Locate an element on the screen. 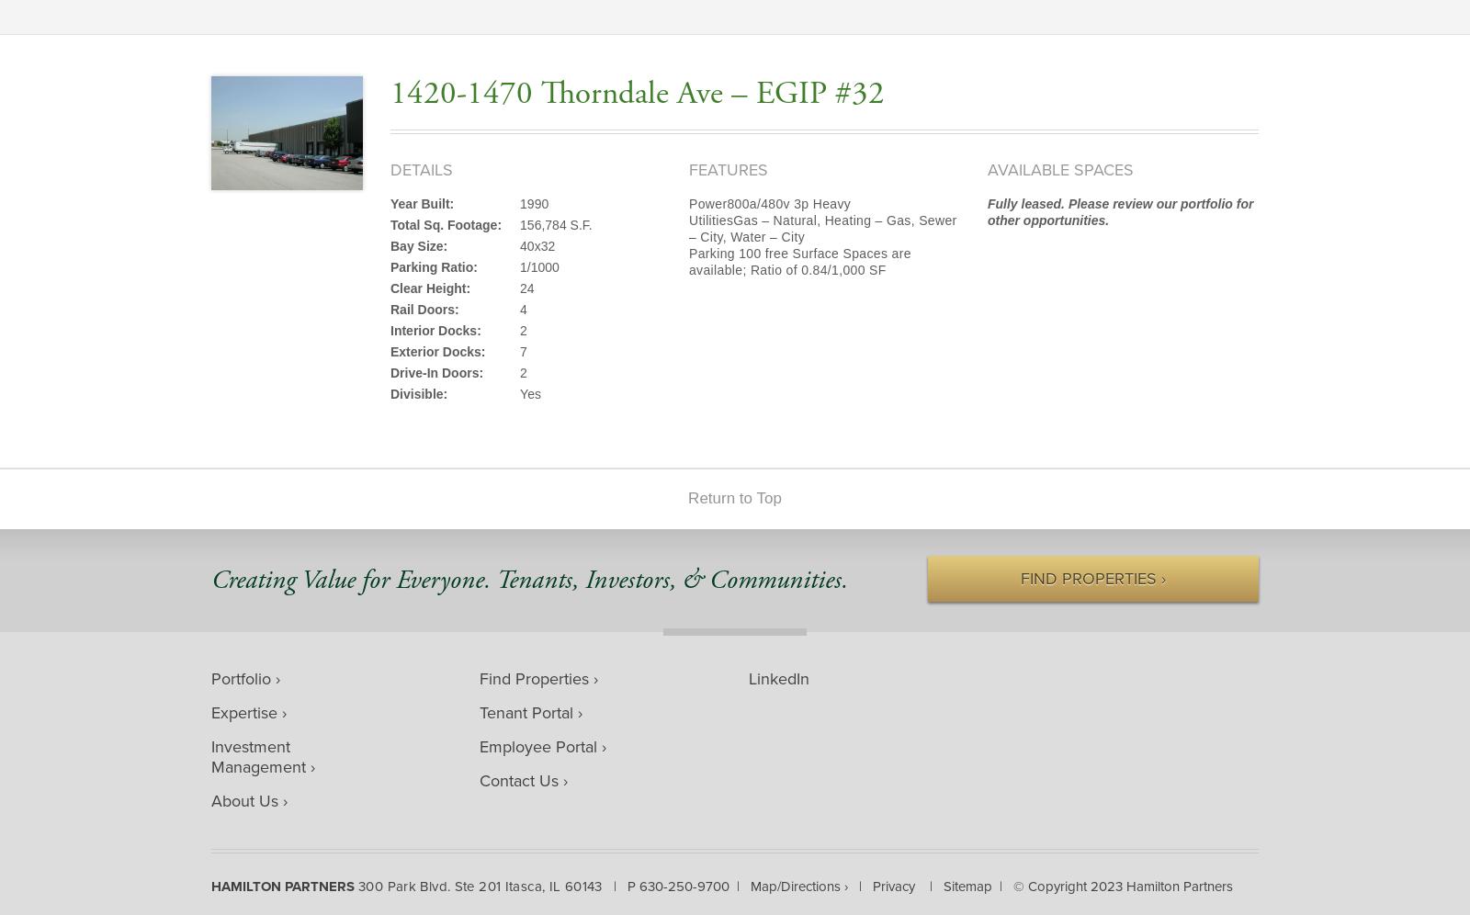 The image size is (1470, 915). '300 Park Blvd. Ste 201 Itasca, IL  60143' is located at coordinates (357, 885).